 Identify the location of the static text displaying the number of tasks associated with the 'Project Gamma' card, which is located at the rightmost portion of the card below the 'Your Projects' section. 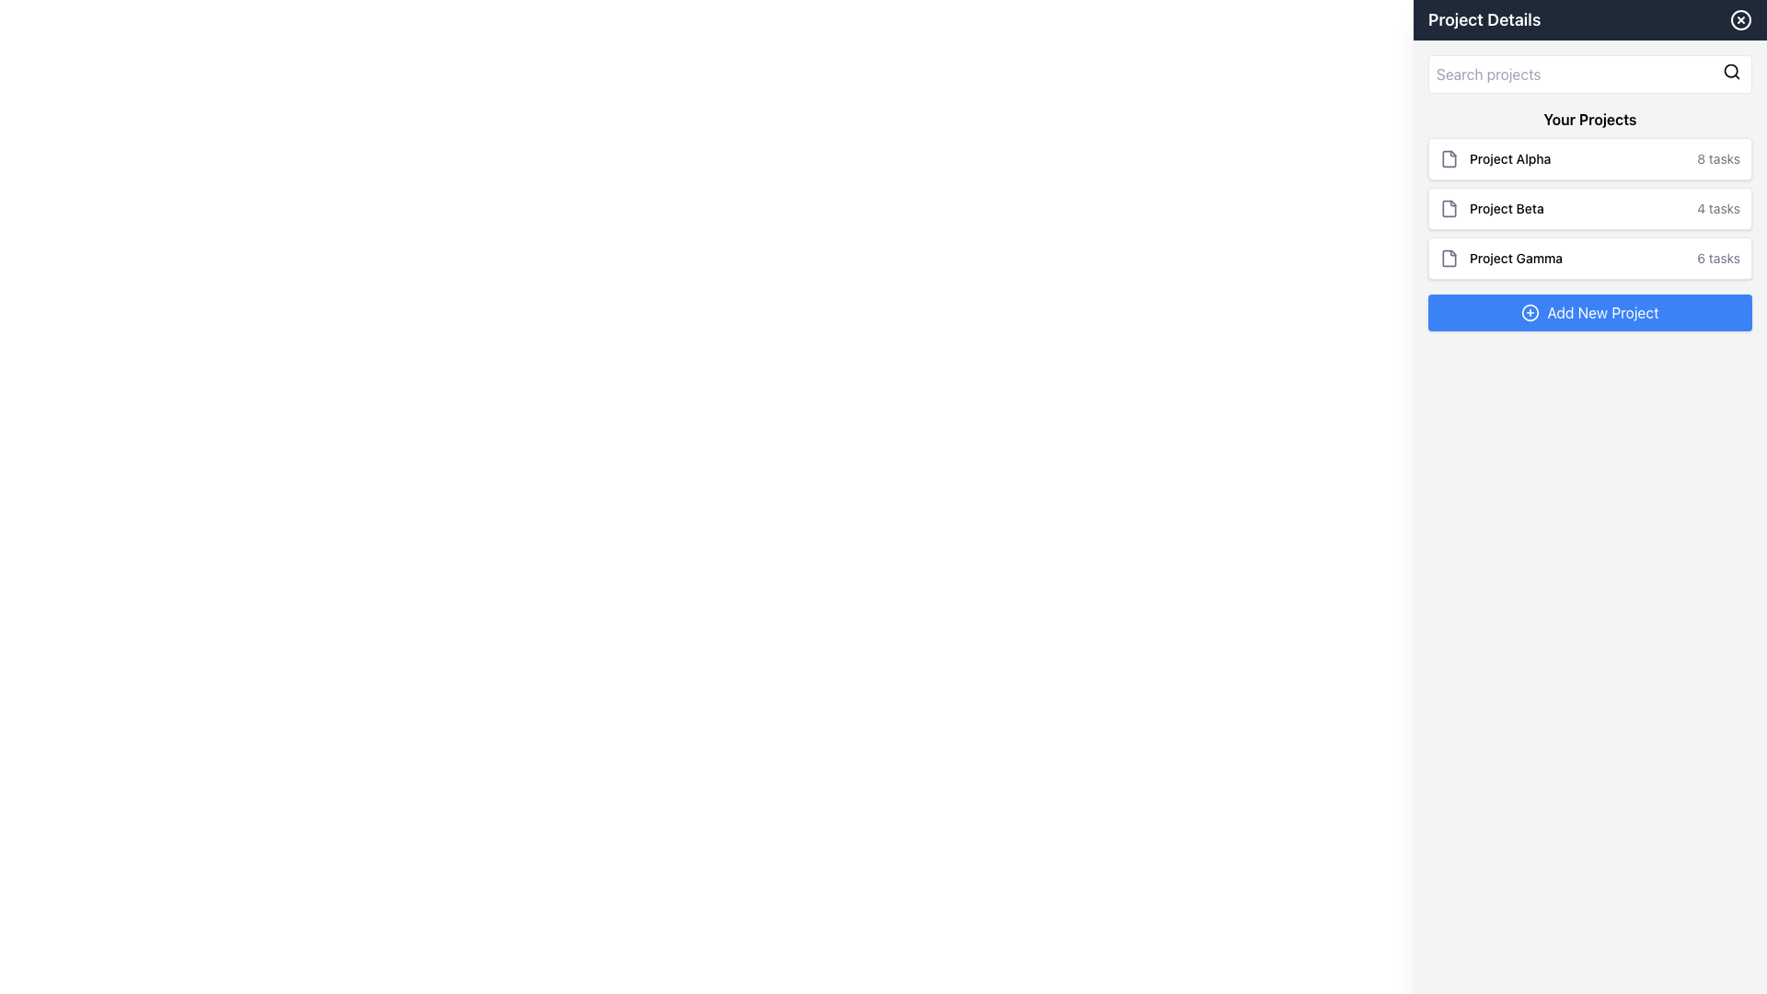
(1717, 259).